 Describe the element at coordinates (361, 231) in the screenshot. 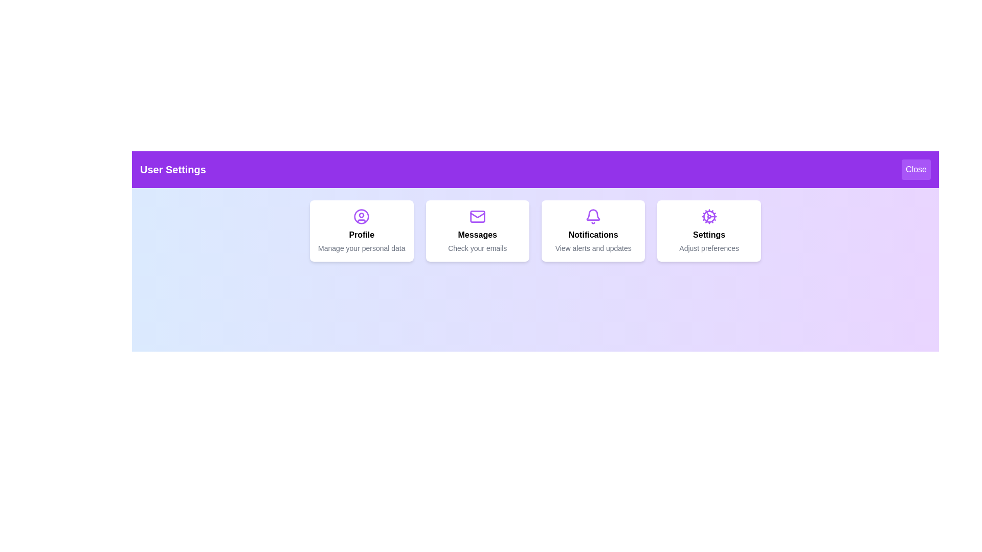

I see `the Profile menu item to navigate to the respective section` at that location.